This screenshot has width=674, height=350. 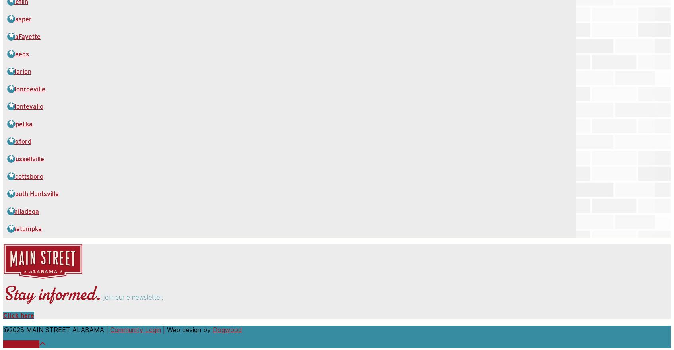 I want to click on 'Click here', so click(x=18, y=315).